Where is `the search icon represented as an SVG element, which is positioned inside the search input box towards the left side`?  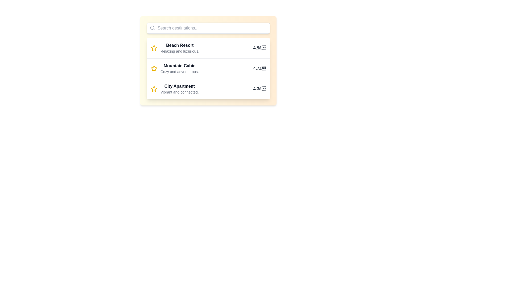
the search icon represented as an SVG element, which is positioned inside the search input box towards the left side is located at coordinates (152, 28).